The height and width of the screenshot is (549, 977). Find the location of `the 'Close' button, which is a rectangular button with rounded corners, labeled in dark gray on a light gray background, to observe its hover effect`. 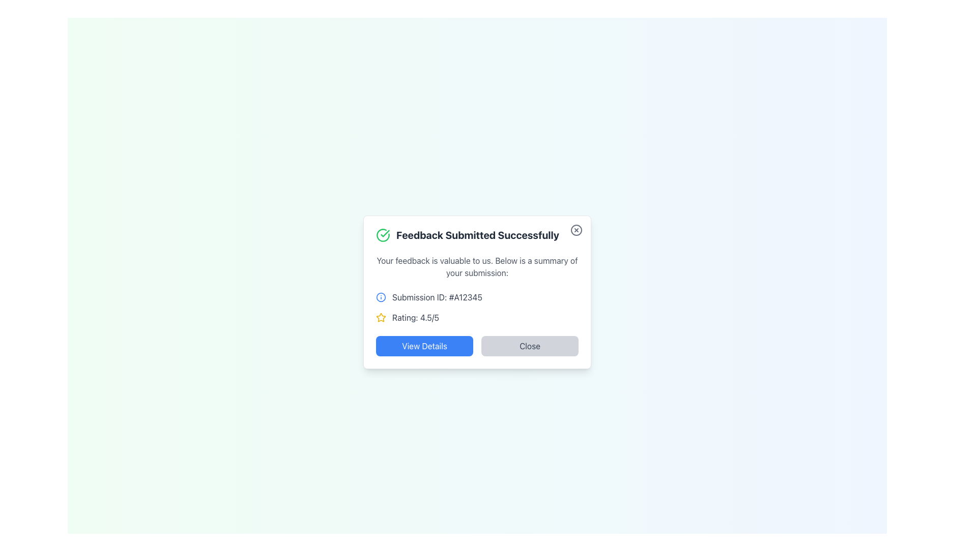

the 'Close' button, which is a rectangular button with rounded corners, labeled in dark gray on a light gray background, to observe its hover effect is located at coordinates (529, 346).